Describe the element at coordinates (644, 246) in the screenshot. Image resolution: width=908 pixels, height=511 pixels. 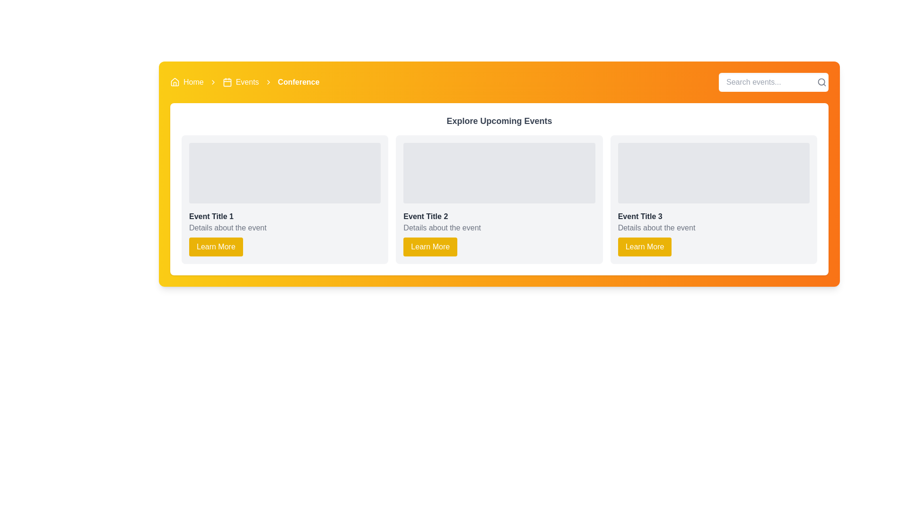
I see `the button located at the bottom-right corner of the event card labeled 'Event Title 3'` at that location.